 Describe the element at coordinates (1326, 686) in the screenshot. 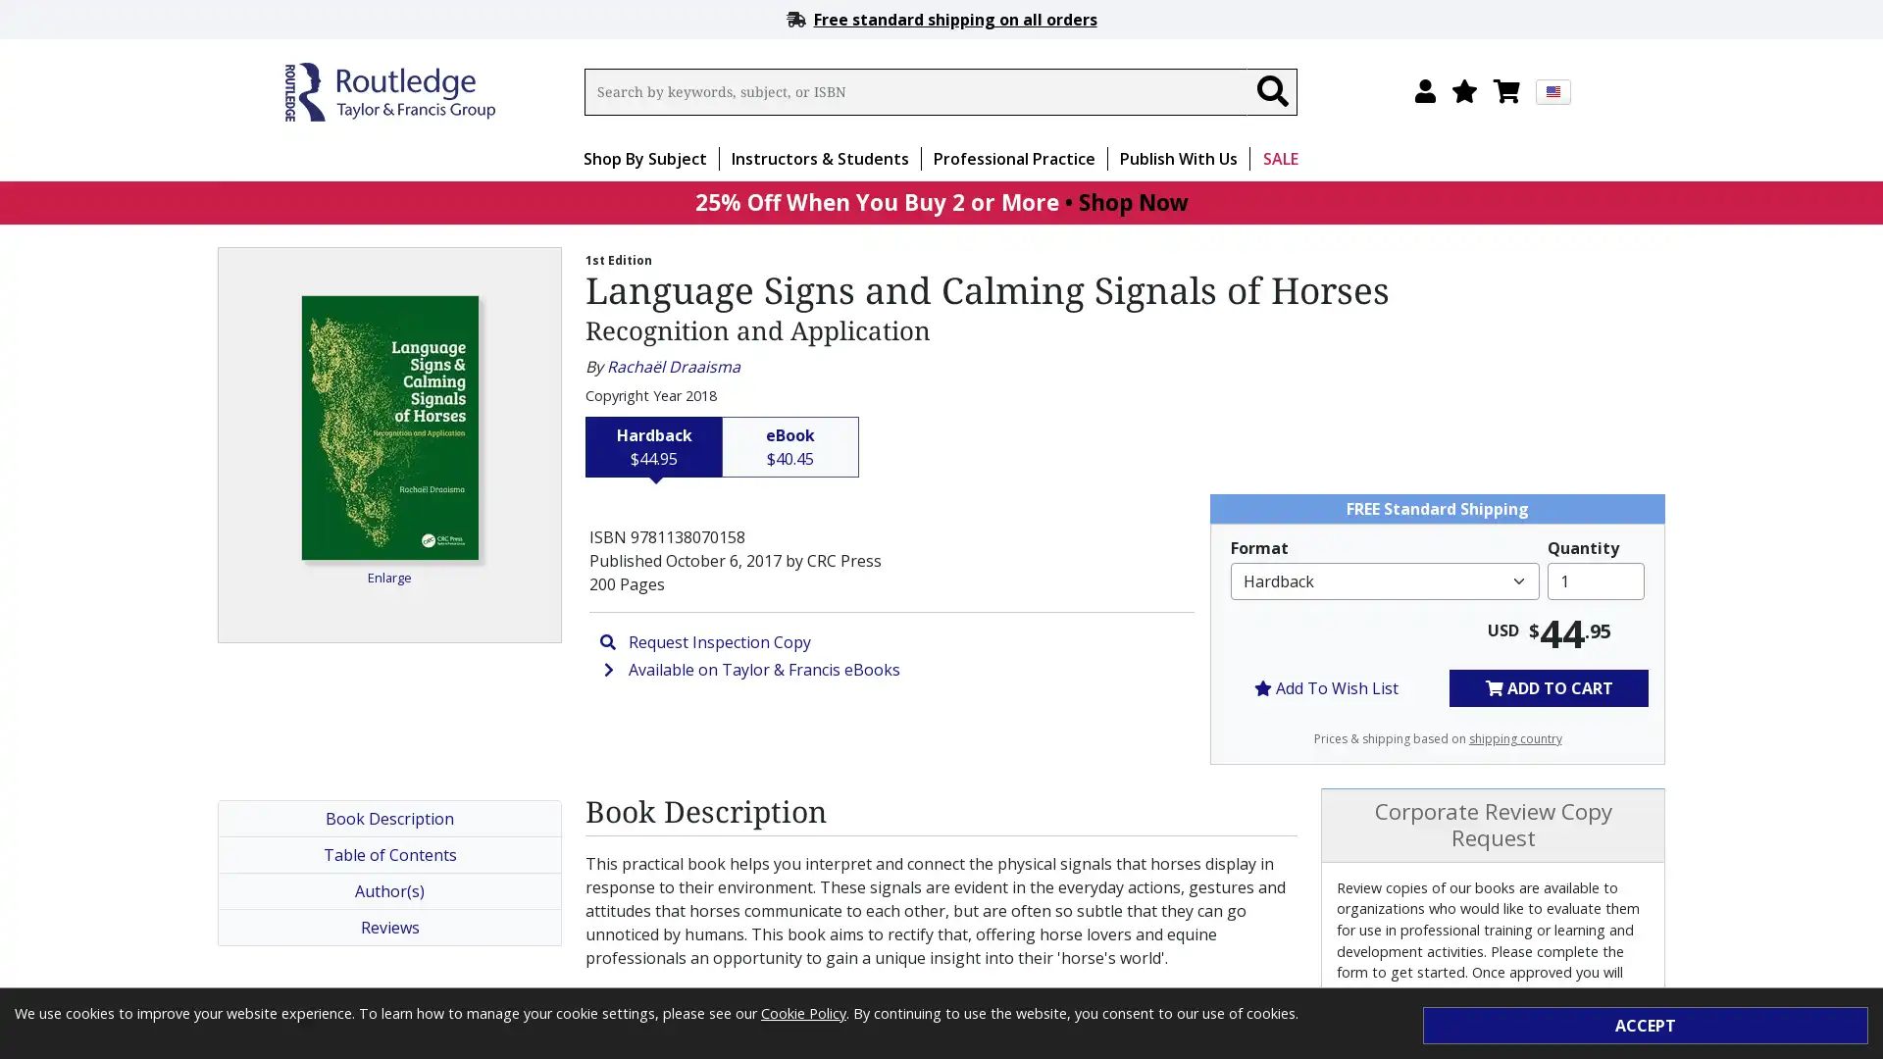

I see `Add To Wish List` at that location.